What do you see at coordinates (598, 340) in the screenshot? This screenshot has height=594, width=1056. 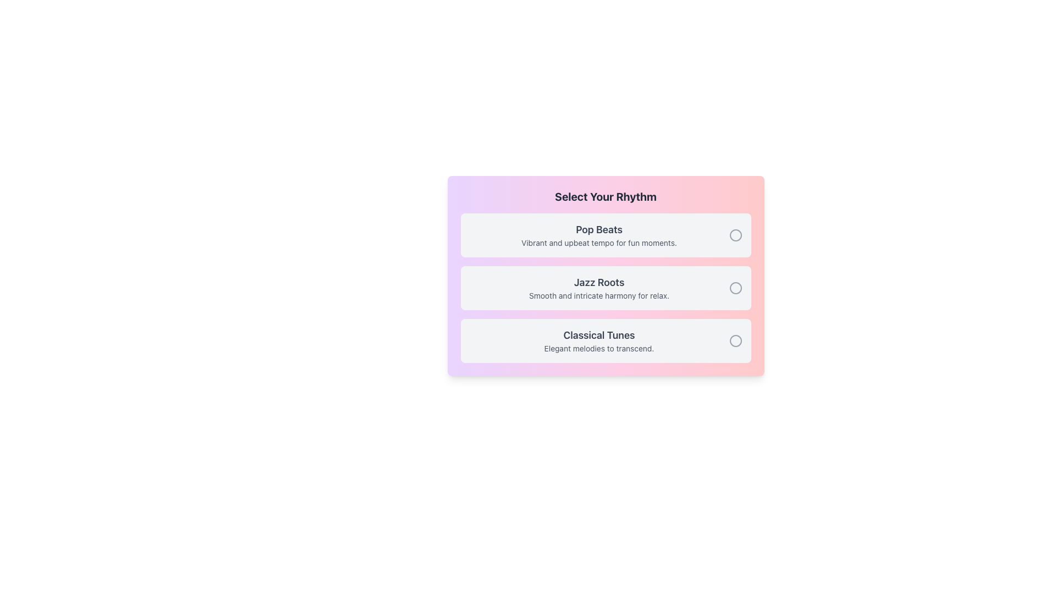 I see `text from the Rich text block that serves as a descriptive label within the selection interface, located below 'Jazz Roots' and above an empty area` at bounding box center [598, 340].